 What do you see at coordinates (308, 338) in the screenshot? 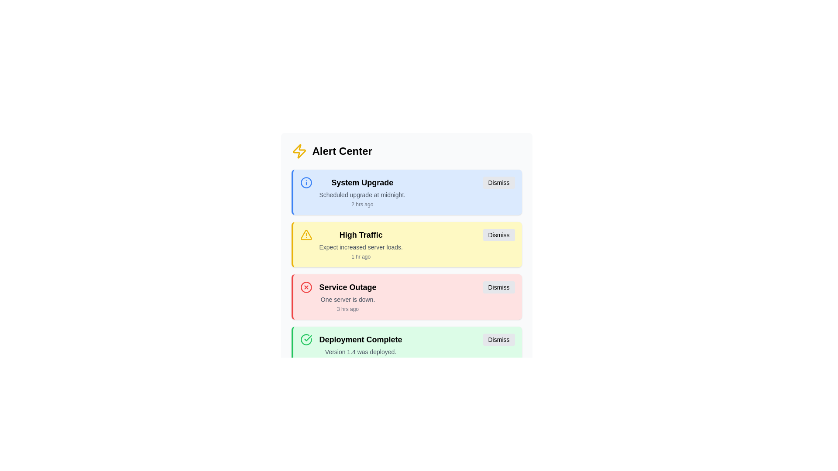
I see `the checkmark icon located adjacent` at bounding box center [308, 338].